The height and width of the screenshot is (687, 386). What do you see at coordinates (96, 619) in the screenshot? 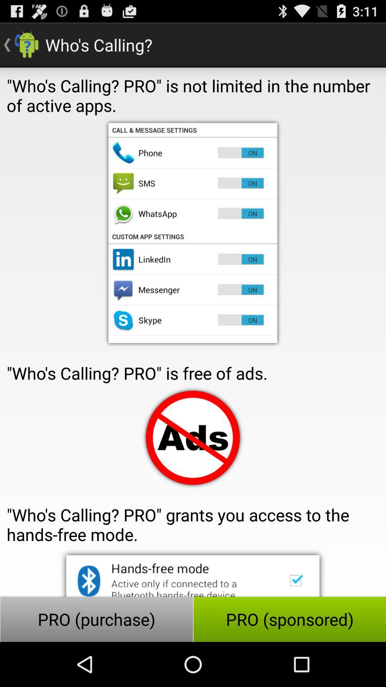
I see `pro (purchase)` at bounding box center [96, 619].